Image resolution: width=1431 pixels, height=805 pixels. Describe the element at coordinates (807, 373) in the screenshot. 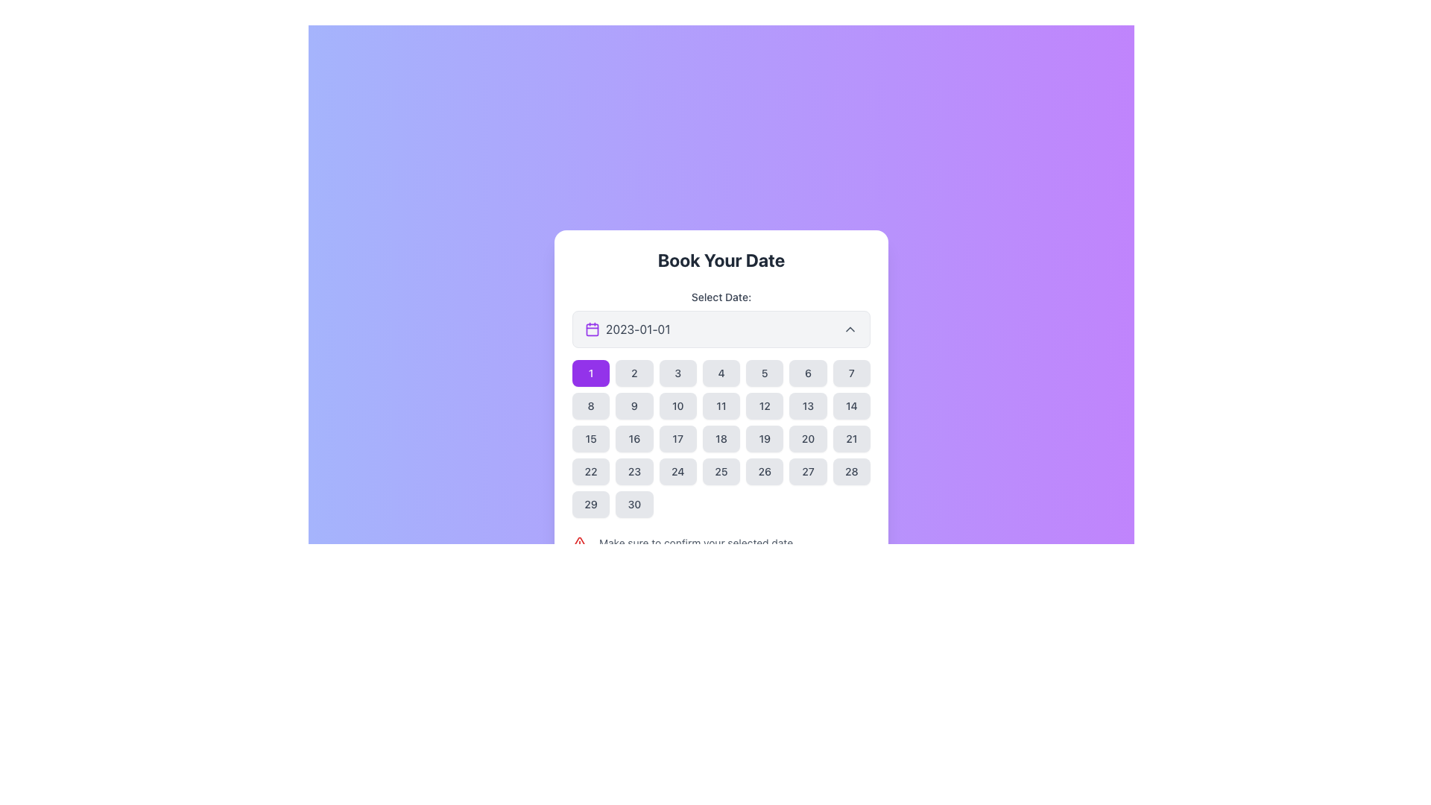

I see `the selectable calendar day button representing the 6th day of the displayed month, located in the first row of the calendar grid` at that location.